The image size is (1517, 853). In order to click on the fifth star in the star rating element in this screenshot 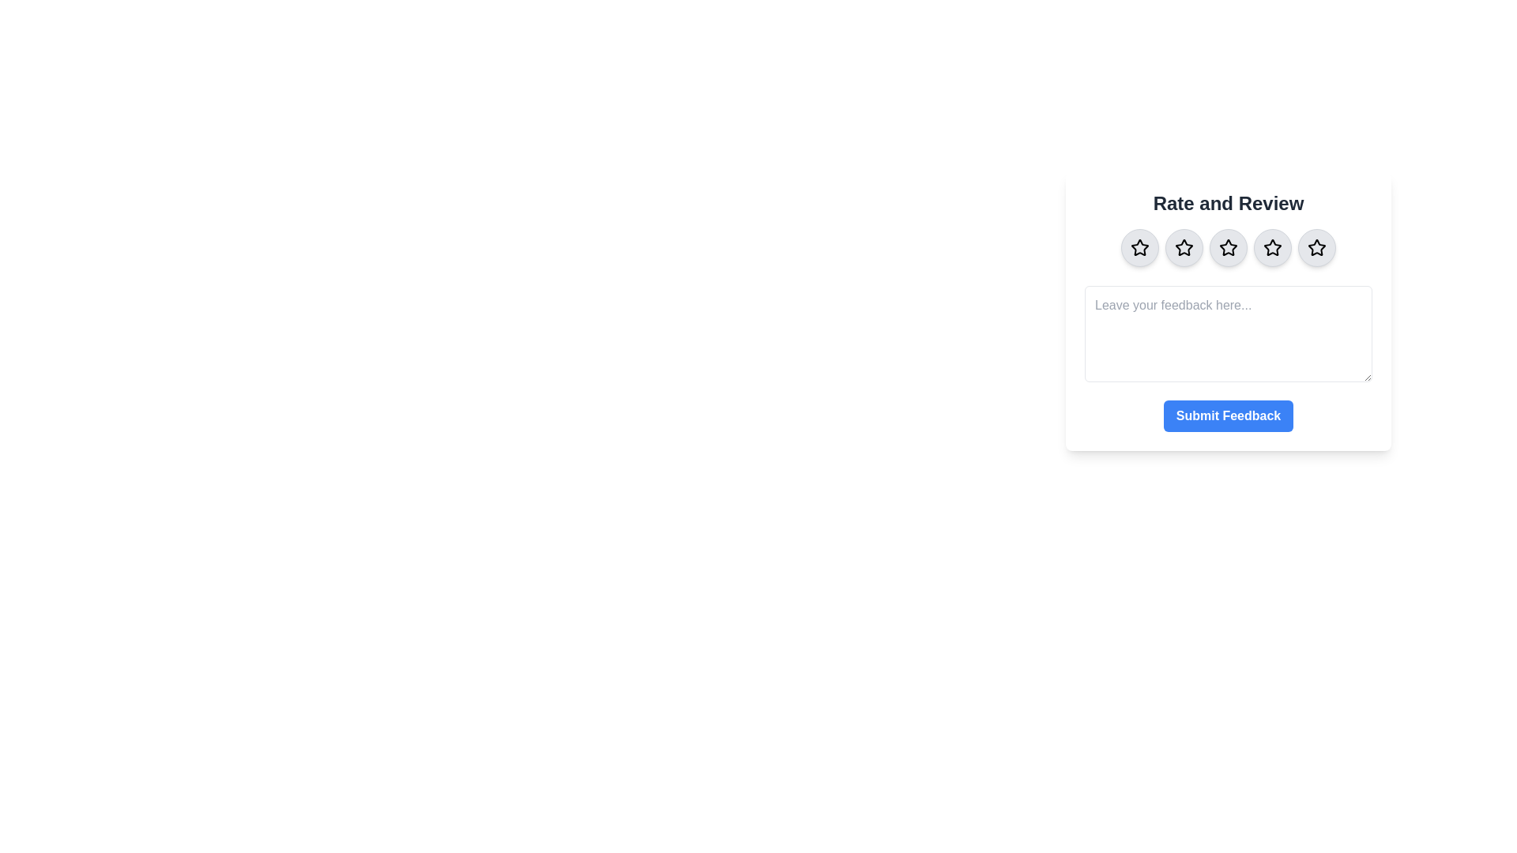, I will do `click(1316, 247)`.